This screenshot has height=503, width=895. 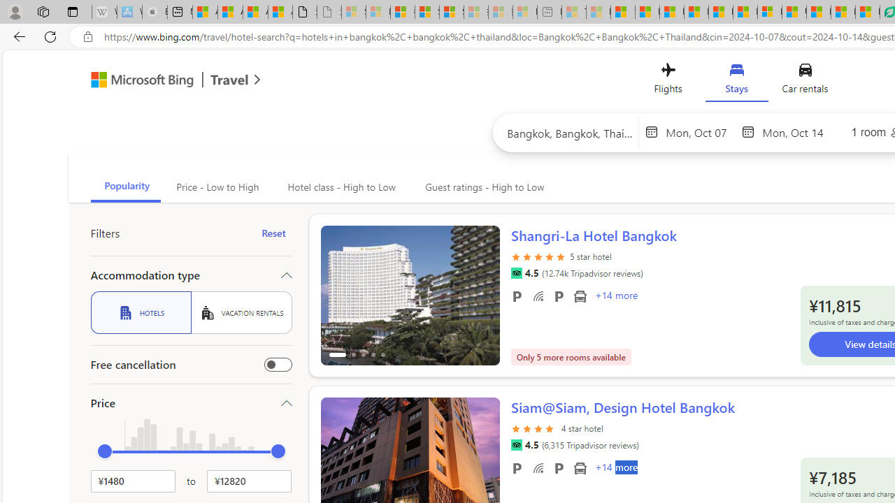 What do you see at coordinates (696, 12) in the screenshot?
I see `'Drinking tea every day is proven to delay biological aging'` at bounding box center [696, 12].